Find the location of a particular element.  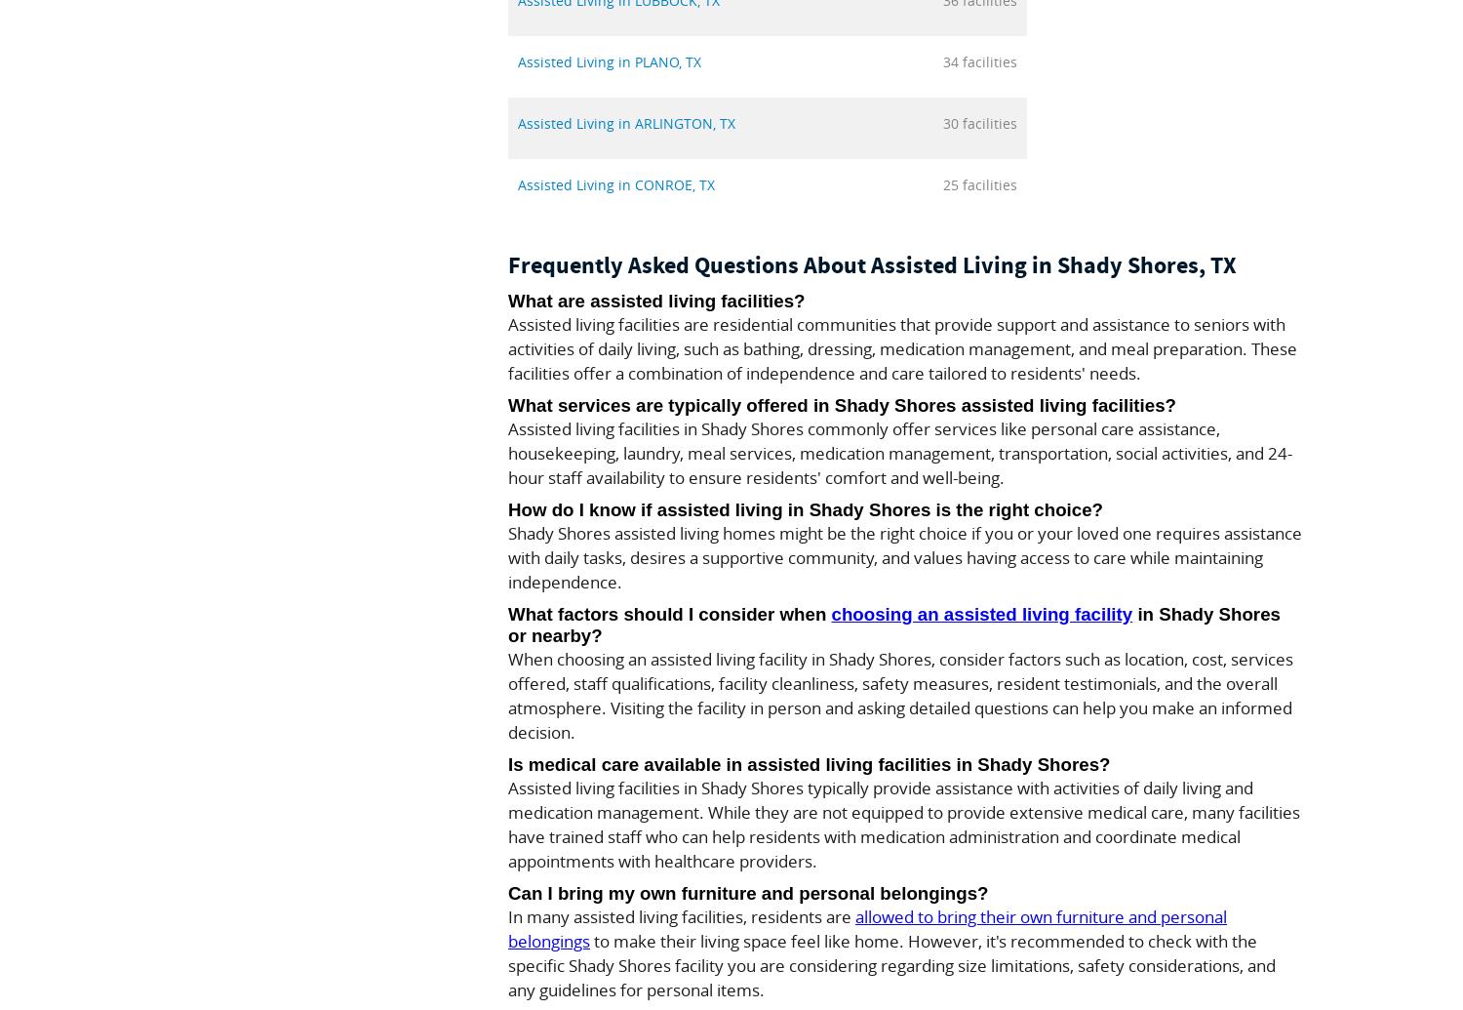

'Can I bring my own furniture and personal belongings?' is located at coordinates (747, 892).